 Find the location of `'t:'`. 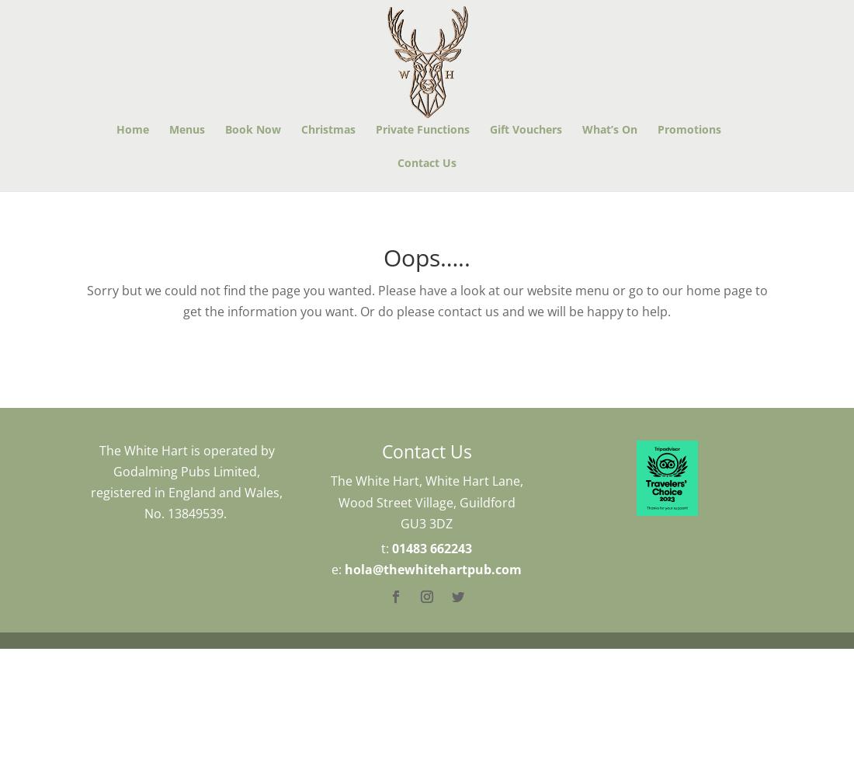

't:' is located at coordinates (386, 548).